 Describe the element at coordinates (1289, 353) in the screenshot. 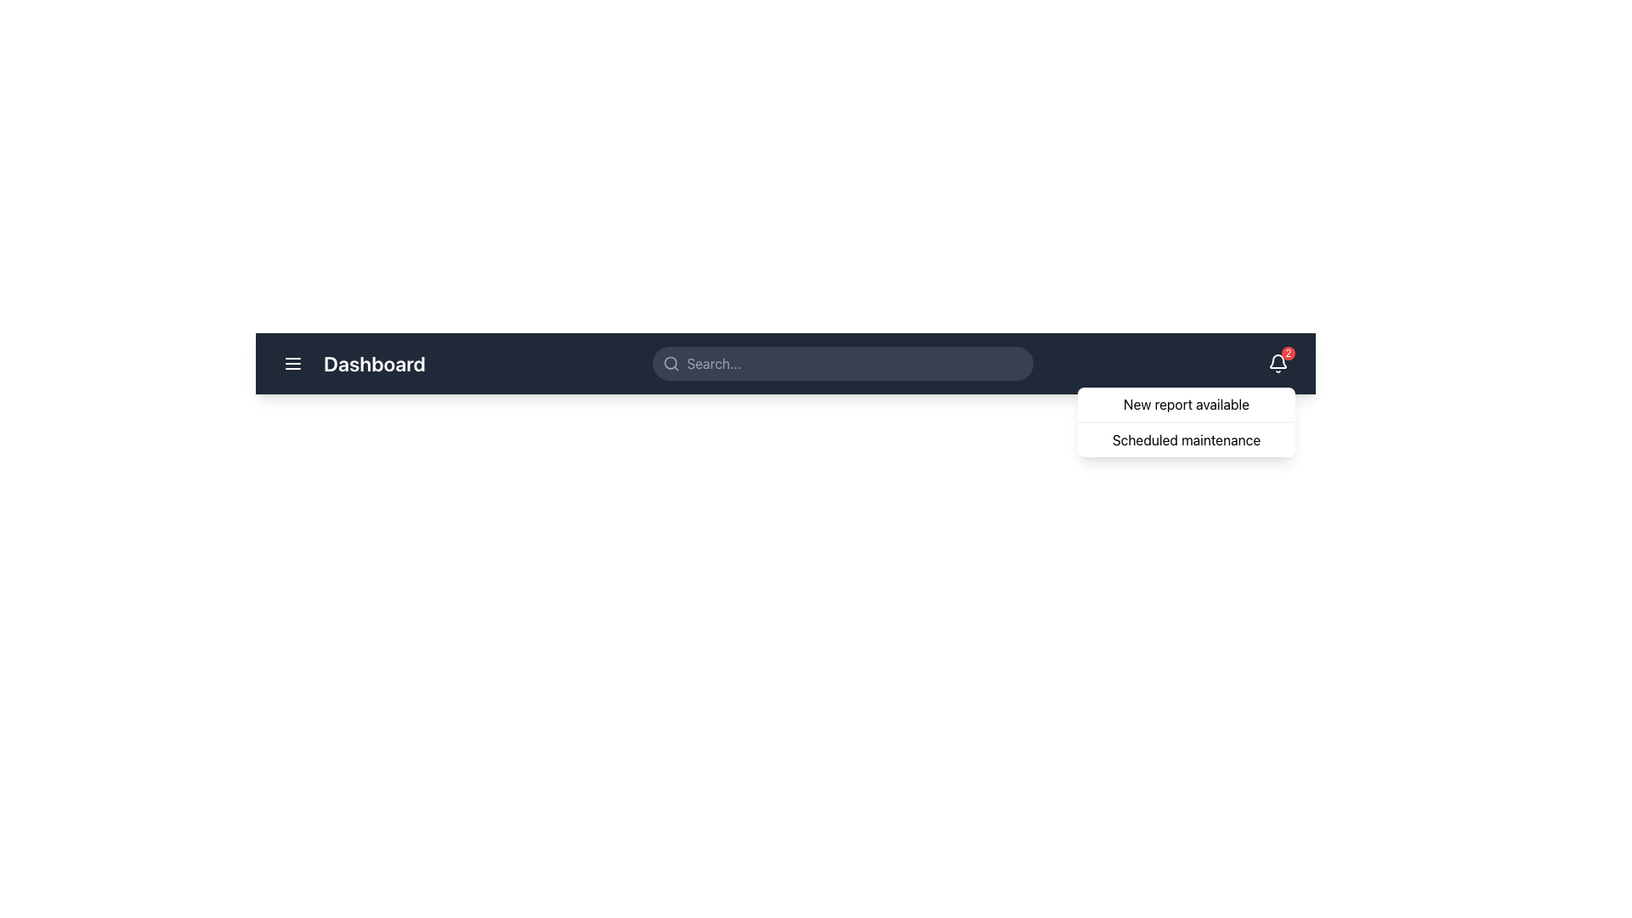

I see `the small red notification badge with the number '2' on the top-right corner of the bell icon in the navigation bar` at that location.